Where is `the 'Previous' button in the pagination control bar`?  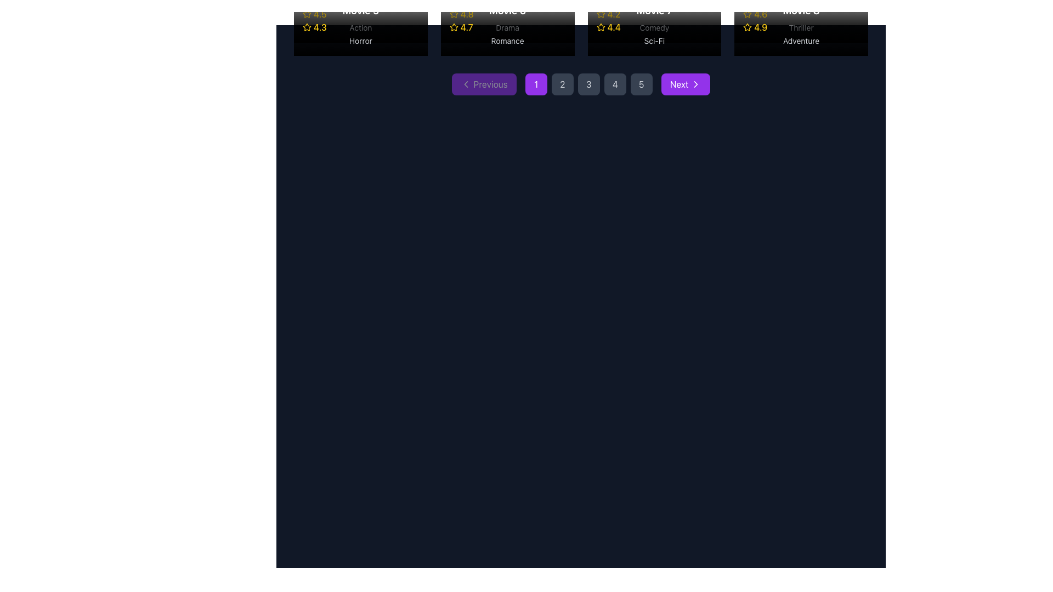
the 'Previous' button in the pagination control bar is located at coordinates (483, 84).